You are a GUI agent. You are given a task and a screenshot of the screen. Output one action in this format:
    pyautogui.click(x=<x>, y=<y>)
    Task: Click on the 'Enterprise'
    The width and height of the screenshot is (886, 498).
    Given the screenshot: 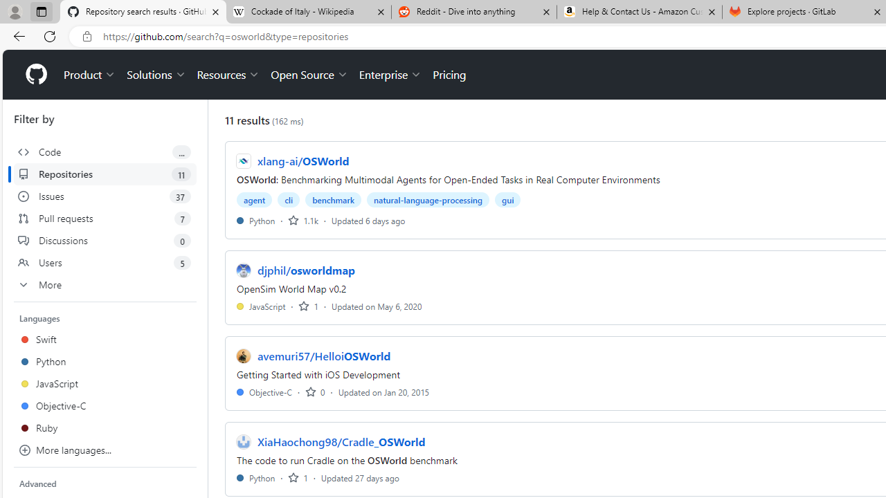 What is the action you would take?
    pyautogui.click(x=389, y=75)
    